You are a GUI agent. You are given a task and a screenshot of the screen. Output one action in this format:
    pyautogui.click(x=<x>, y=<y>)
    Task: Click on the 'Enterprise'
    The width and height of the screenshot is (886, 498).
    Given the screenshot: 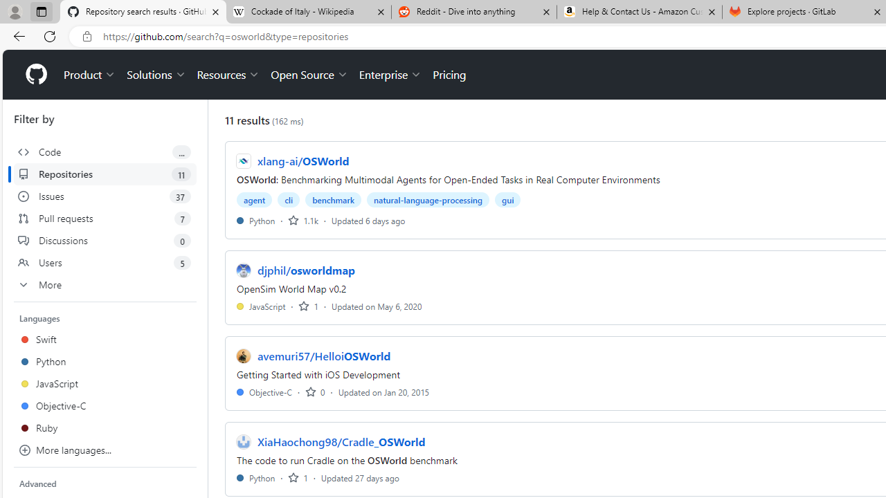 What is the action you would take?
    pyautogui.click(x=389, y=75)
    